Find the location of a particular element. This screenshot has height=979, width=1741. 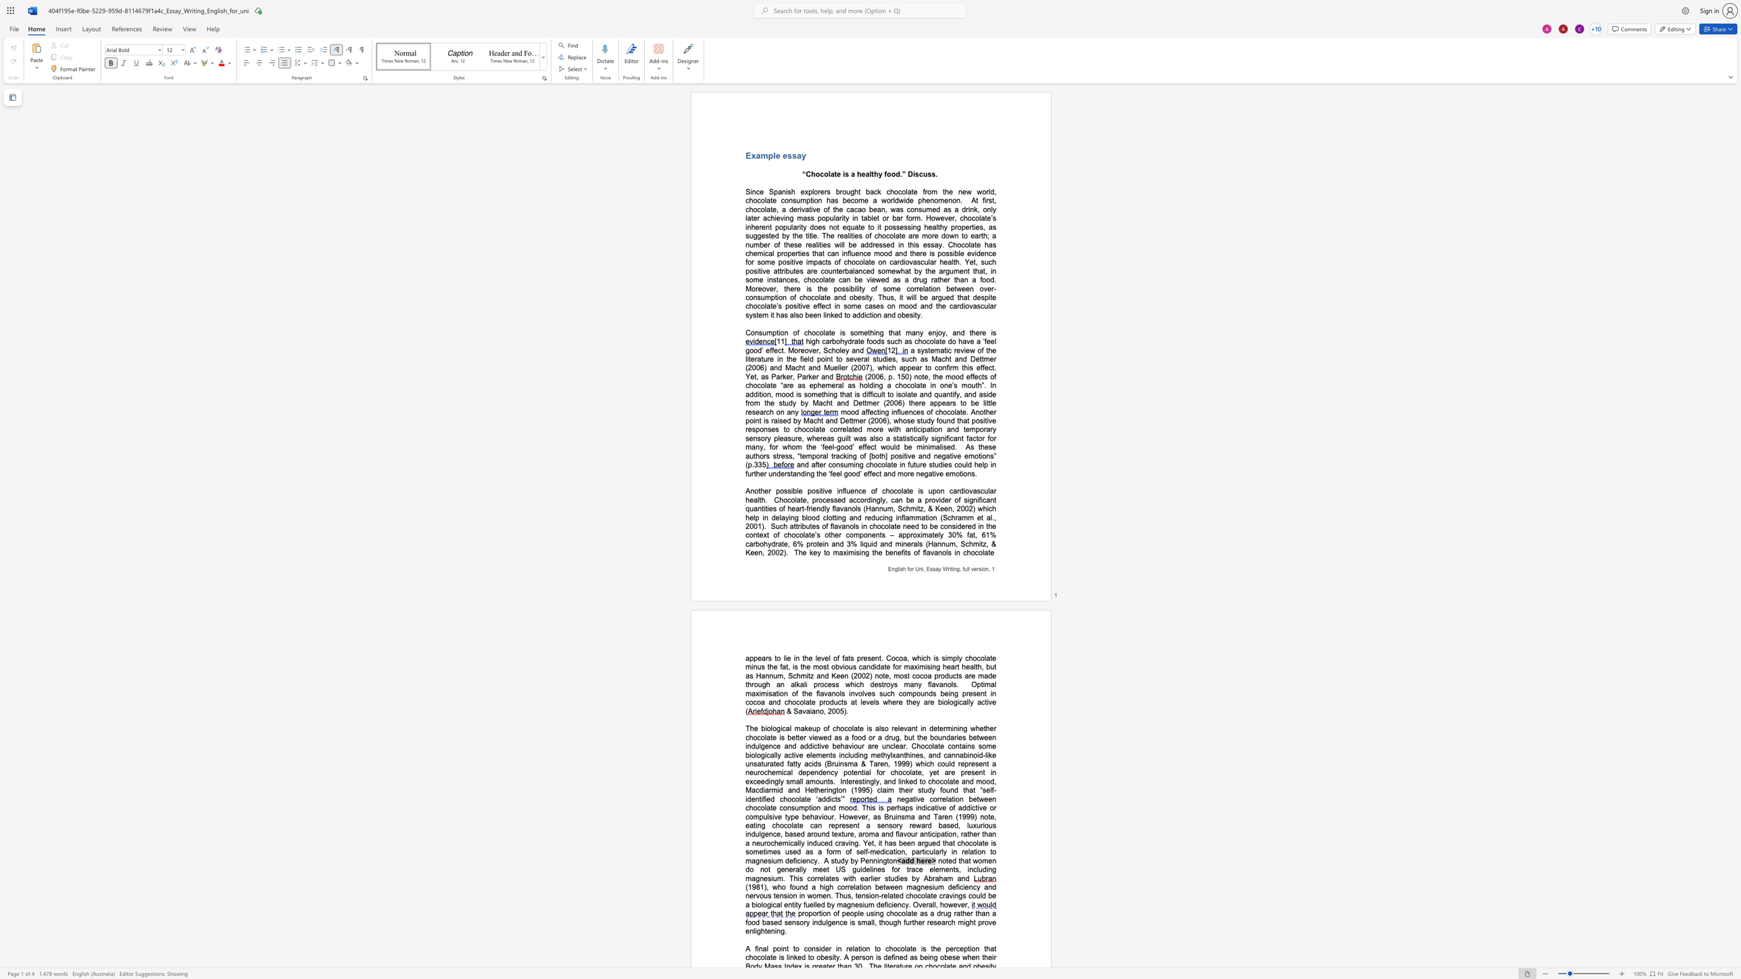

the space between the continuous character "o" and "i" in the text is located at coordinates (779, 948).